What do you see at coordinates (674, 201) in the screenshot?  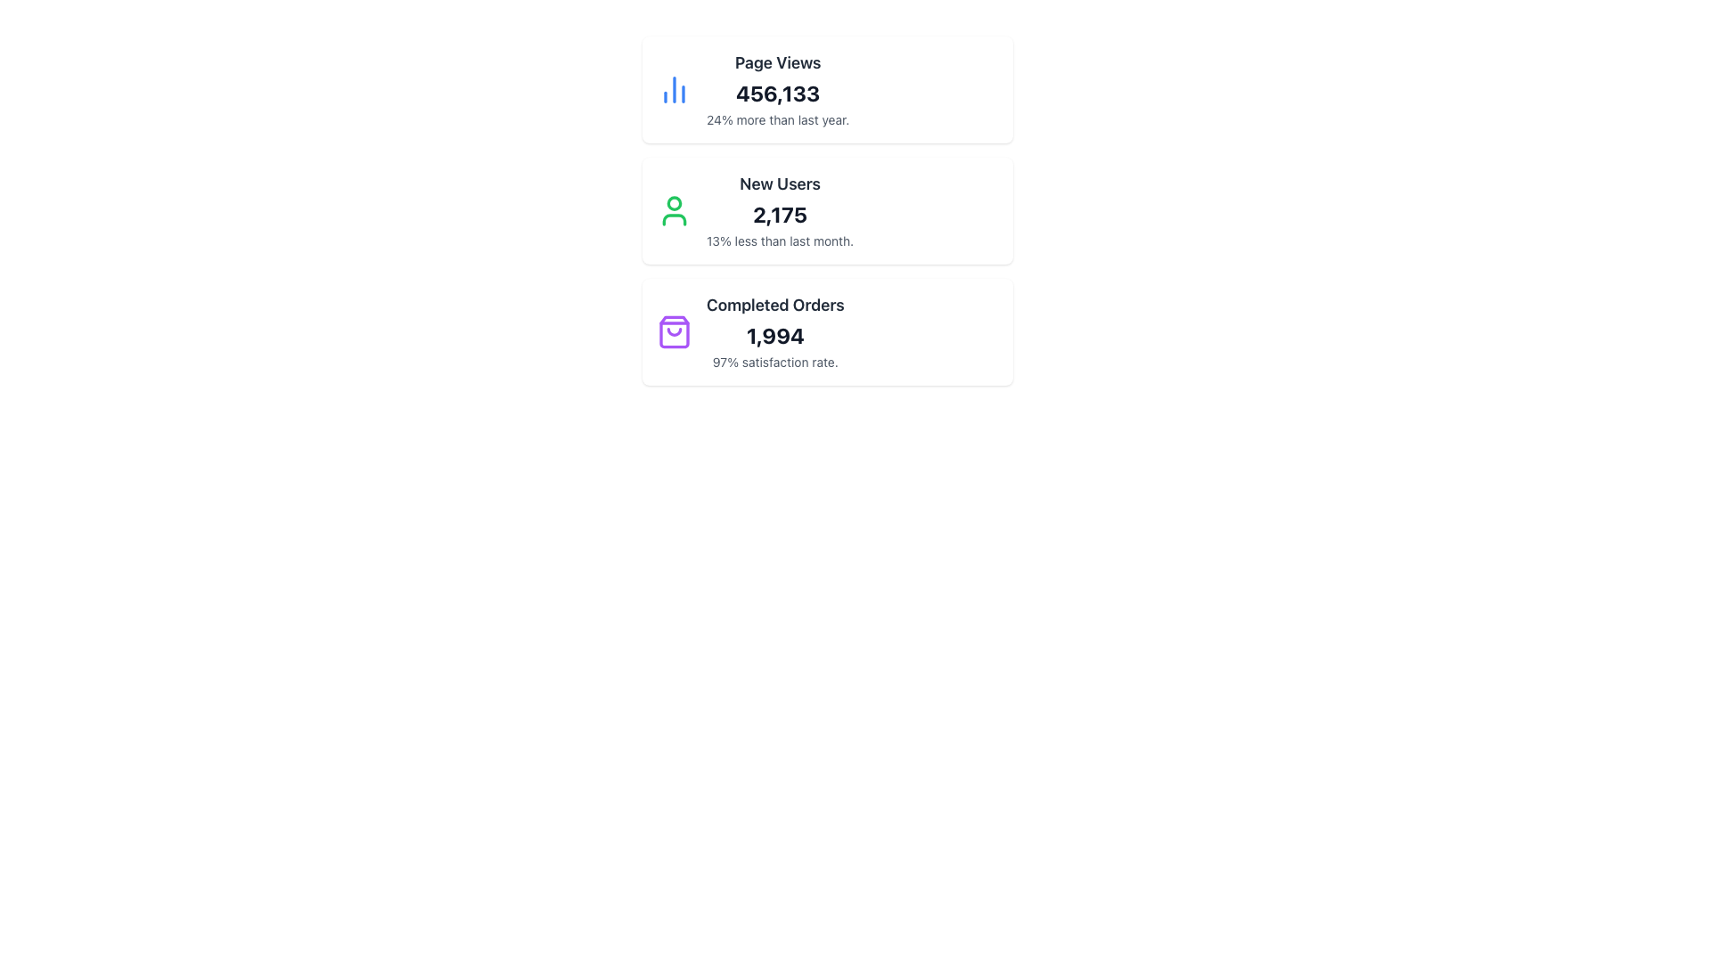 I see `the Circle graphic which represents the head component of the user profile icon, located next to the 'New Users' text` at bounding box center [674, 201].